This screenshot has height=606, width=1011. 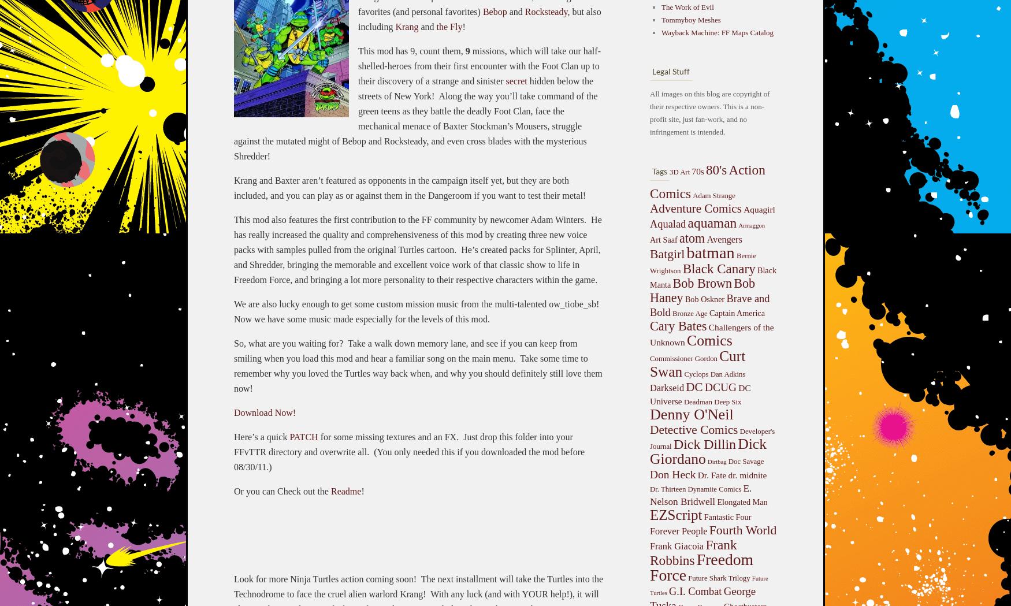 What do you see at coordinates (676, 546) in the screenshot?
I see `'Frank Giacoia'` at bounding box center [676, 546].